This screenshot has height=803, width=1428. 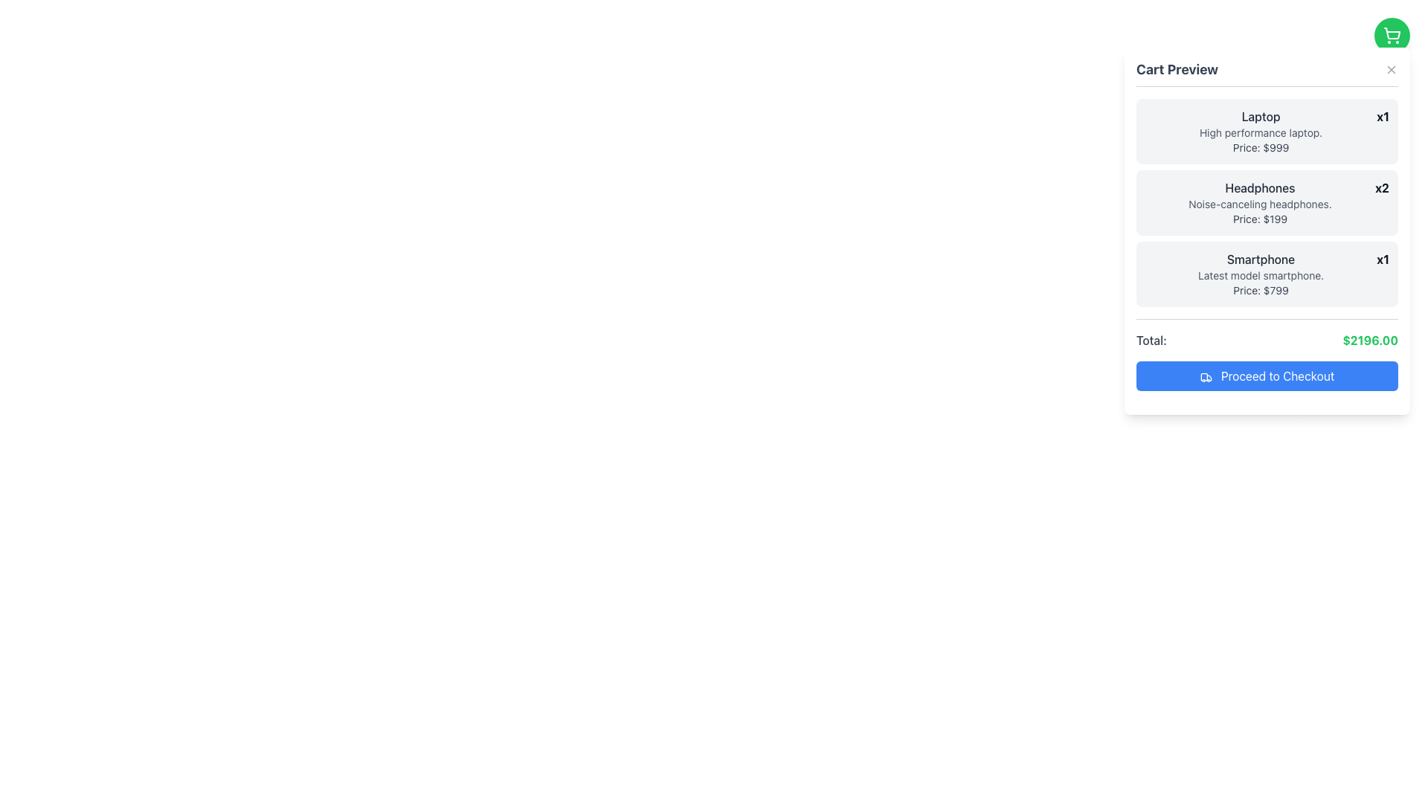 What do you see at coordinates (1260, 148) in the screenshot?
I see `the static text label displaying 'Price: $999' in the cart preview section of the 'Laptop' listing` at bounding box center [1260, 148].